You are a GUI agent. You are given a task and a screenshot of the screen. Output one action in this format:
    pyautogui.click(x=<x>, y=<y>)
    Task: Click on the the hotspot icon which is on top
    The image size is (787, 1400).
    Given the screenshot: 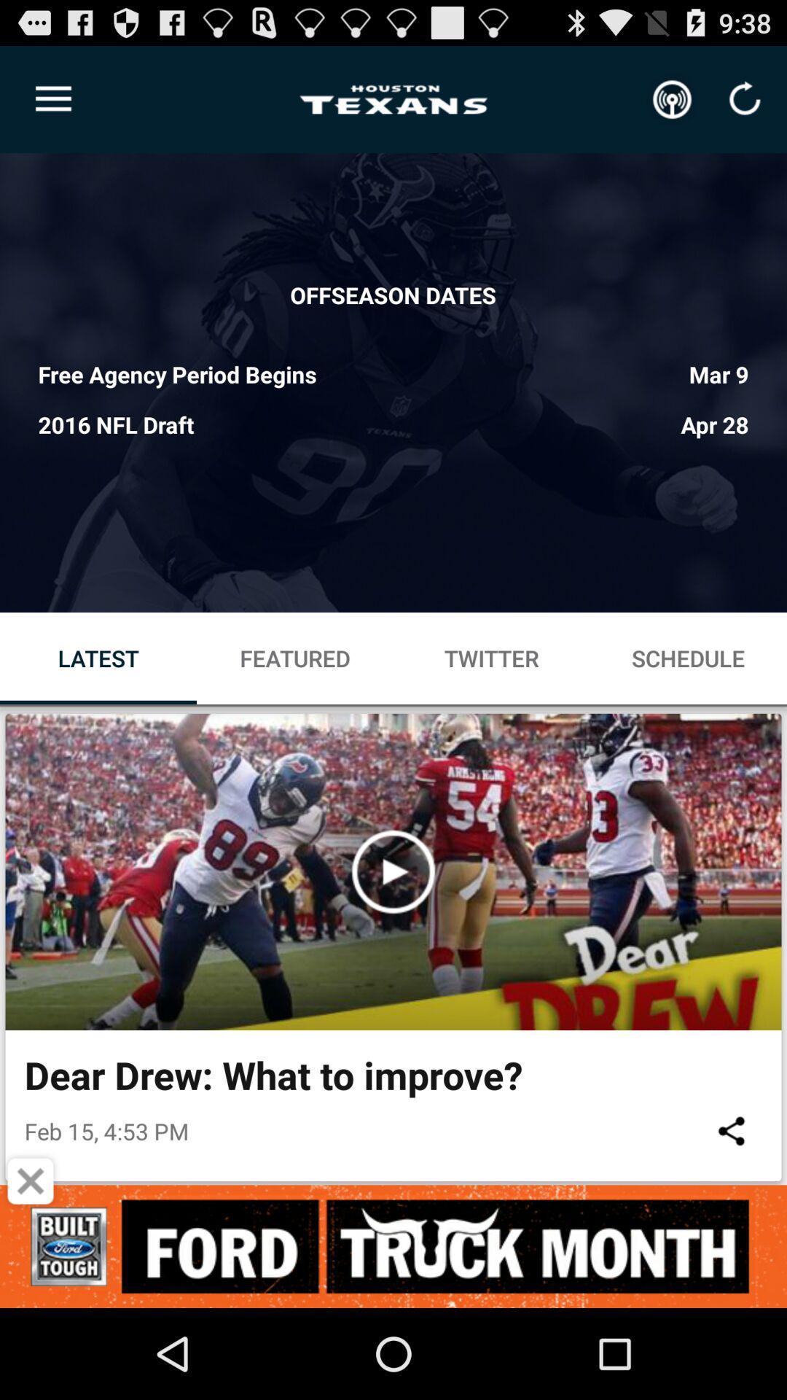 What is the action you would take?
    pyautogui.click(x=672, y=99)
    